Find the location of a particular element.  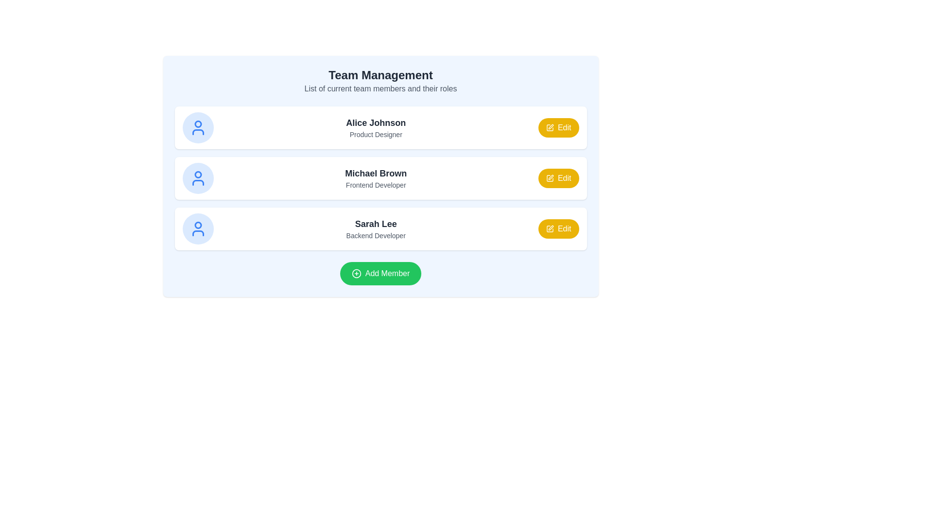

the 'Edit' text within the yellow button featuring a pen icon, located at the right-hand side of the last entry for 'Sarah Lee Backend Developer' is located at coordinates (564, 228).